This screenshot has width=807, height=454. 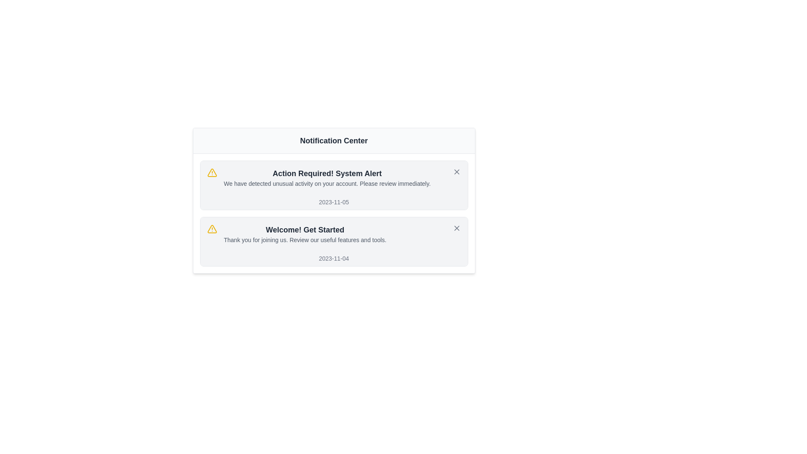 I want to click on timestamp text located in the bottom-right corner of the 'Action Required! System Alert' notification card, so click(x=333, y=202).